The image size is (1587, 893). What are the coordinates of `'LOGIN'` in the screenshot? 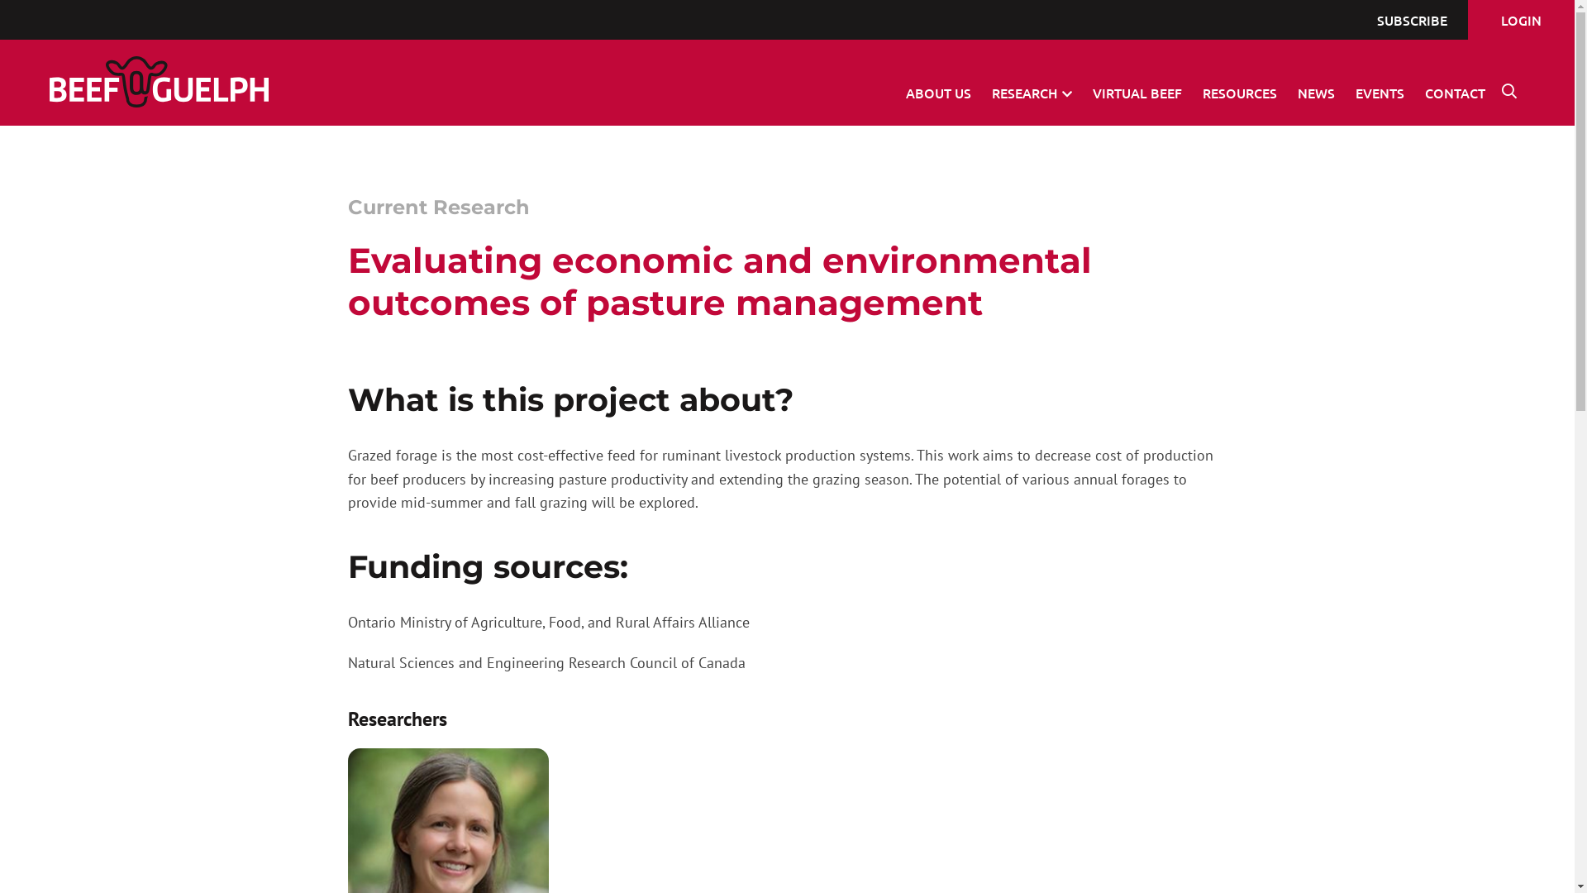 It's located at (1521, 19).